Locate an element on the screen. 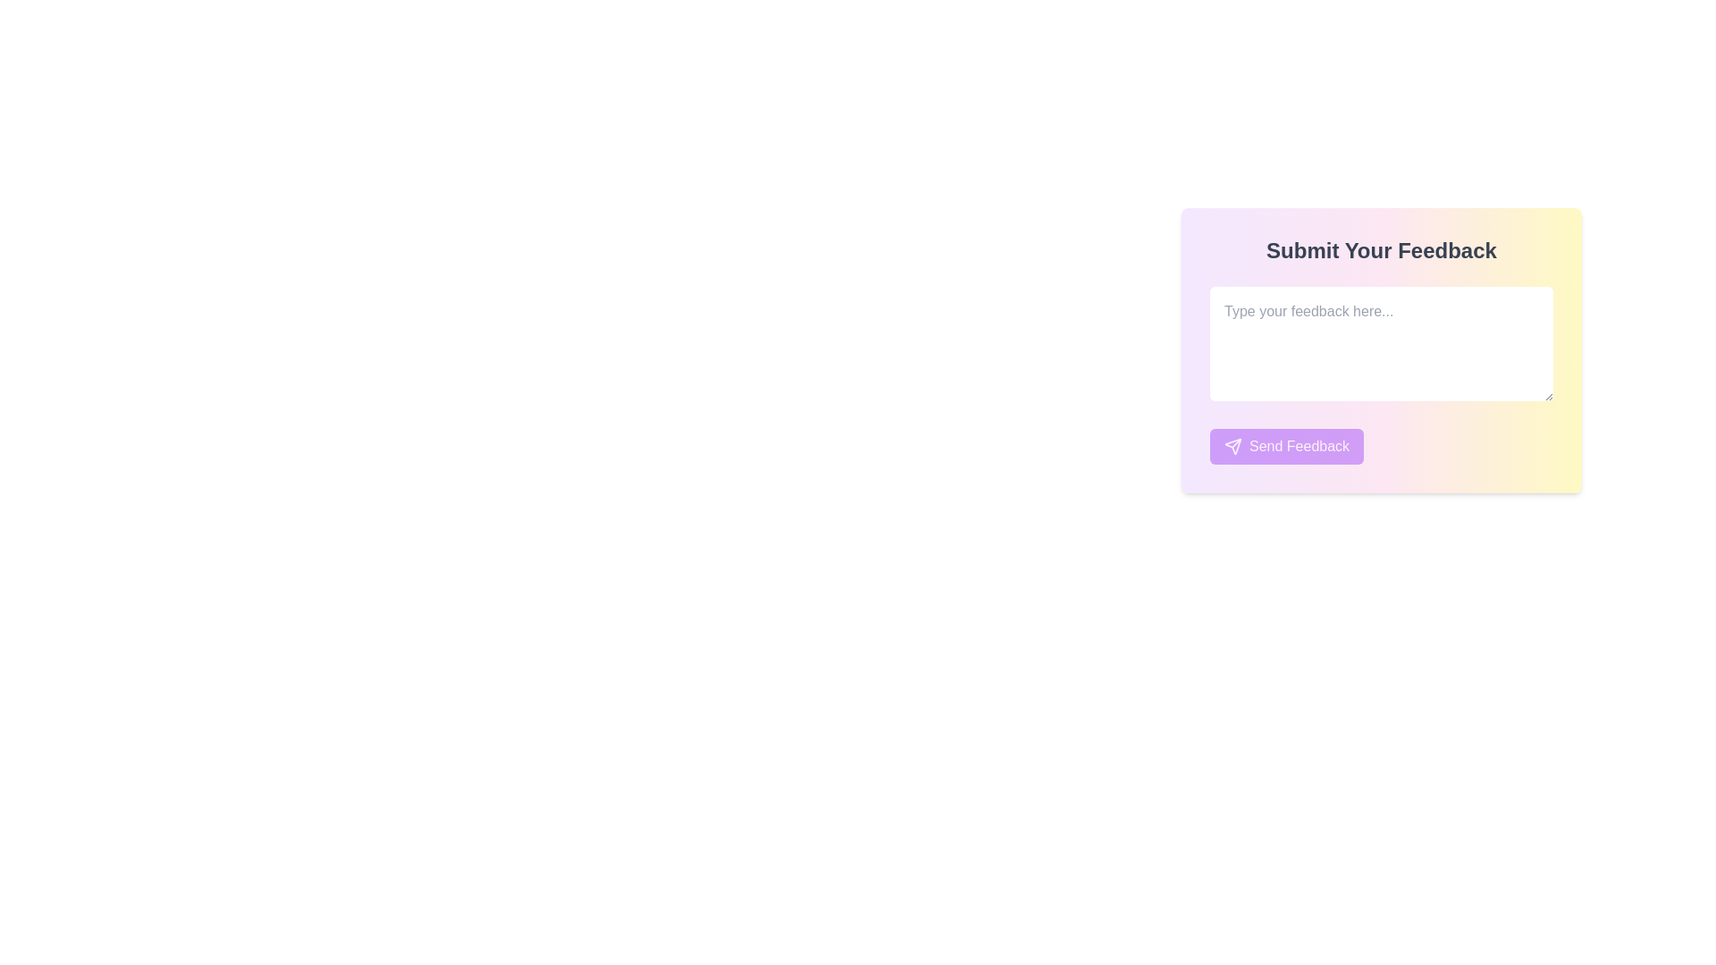 Image resolution: width=1716 pixels, height=965 pixels. text from the 'Send Feedback' button label, which is located below the feedback text input box and to the right of the send icon is located at coordinates (1300, 446).